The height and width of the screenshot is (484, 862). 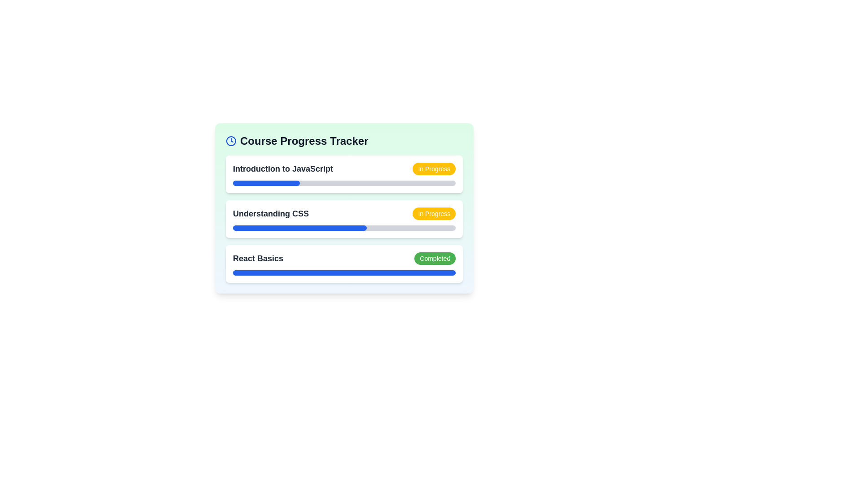 What do you see at coordinates (435, 259) in the screenshot?
I see `the 'Completed' status label` at bounding box center [435, 259].